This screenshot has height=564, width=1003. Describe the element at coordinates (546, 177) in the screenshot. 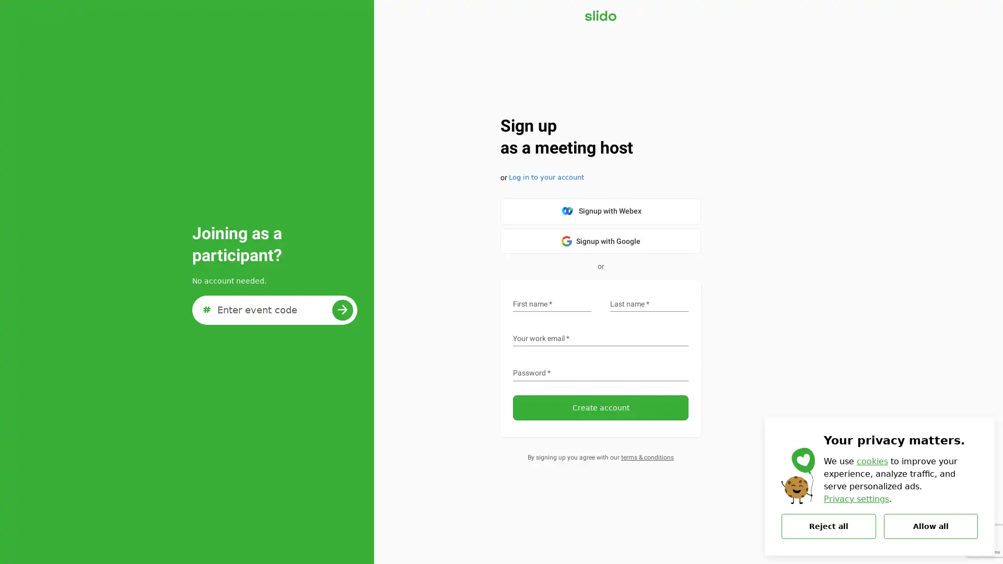

I see `Log in to your account` at that location.